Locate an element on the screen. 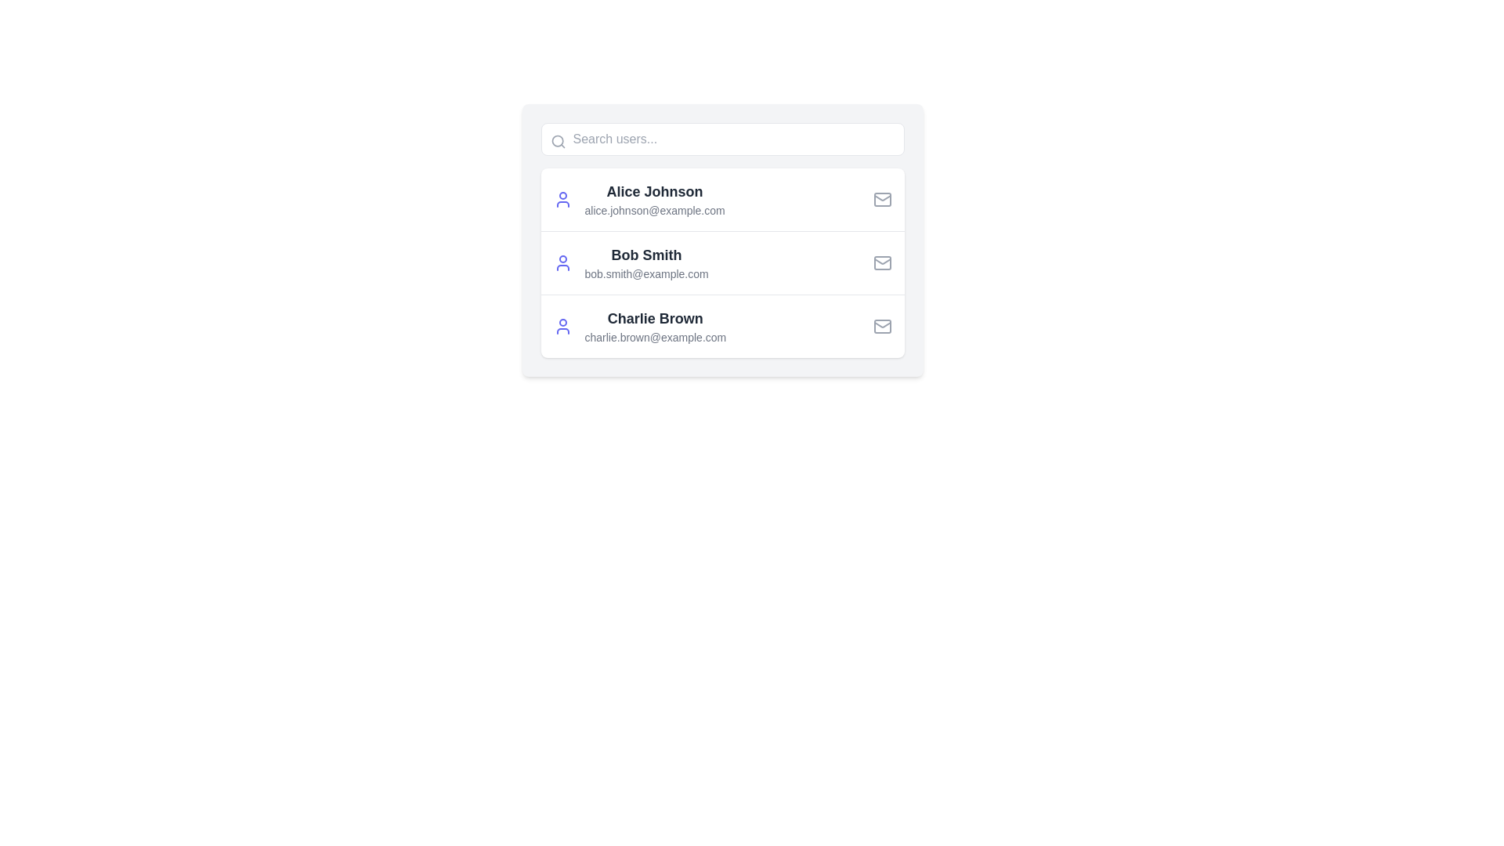 The height and width of the screenshot is (846, 1504). the static text label displaying the name 'Alice Johnson' in the user profile list, which is positioned above the email address in the first entry is located at coordinates (655, 191).